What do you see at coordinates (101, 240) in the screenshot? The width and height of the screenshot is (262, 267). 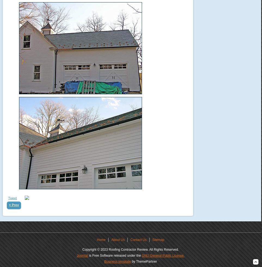 I see `'Home'` at bounding box center [101, 240].